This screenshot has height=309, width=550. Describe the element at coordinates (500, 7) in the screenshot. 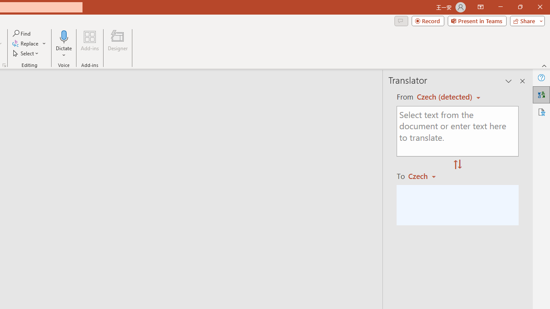

I see `'Minimize'` at that location.